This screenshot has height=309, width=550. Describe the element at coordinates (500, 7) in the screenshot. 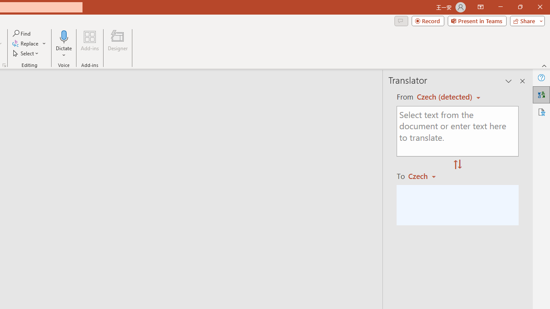

I see `'Minimize'` at that location.